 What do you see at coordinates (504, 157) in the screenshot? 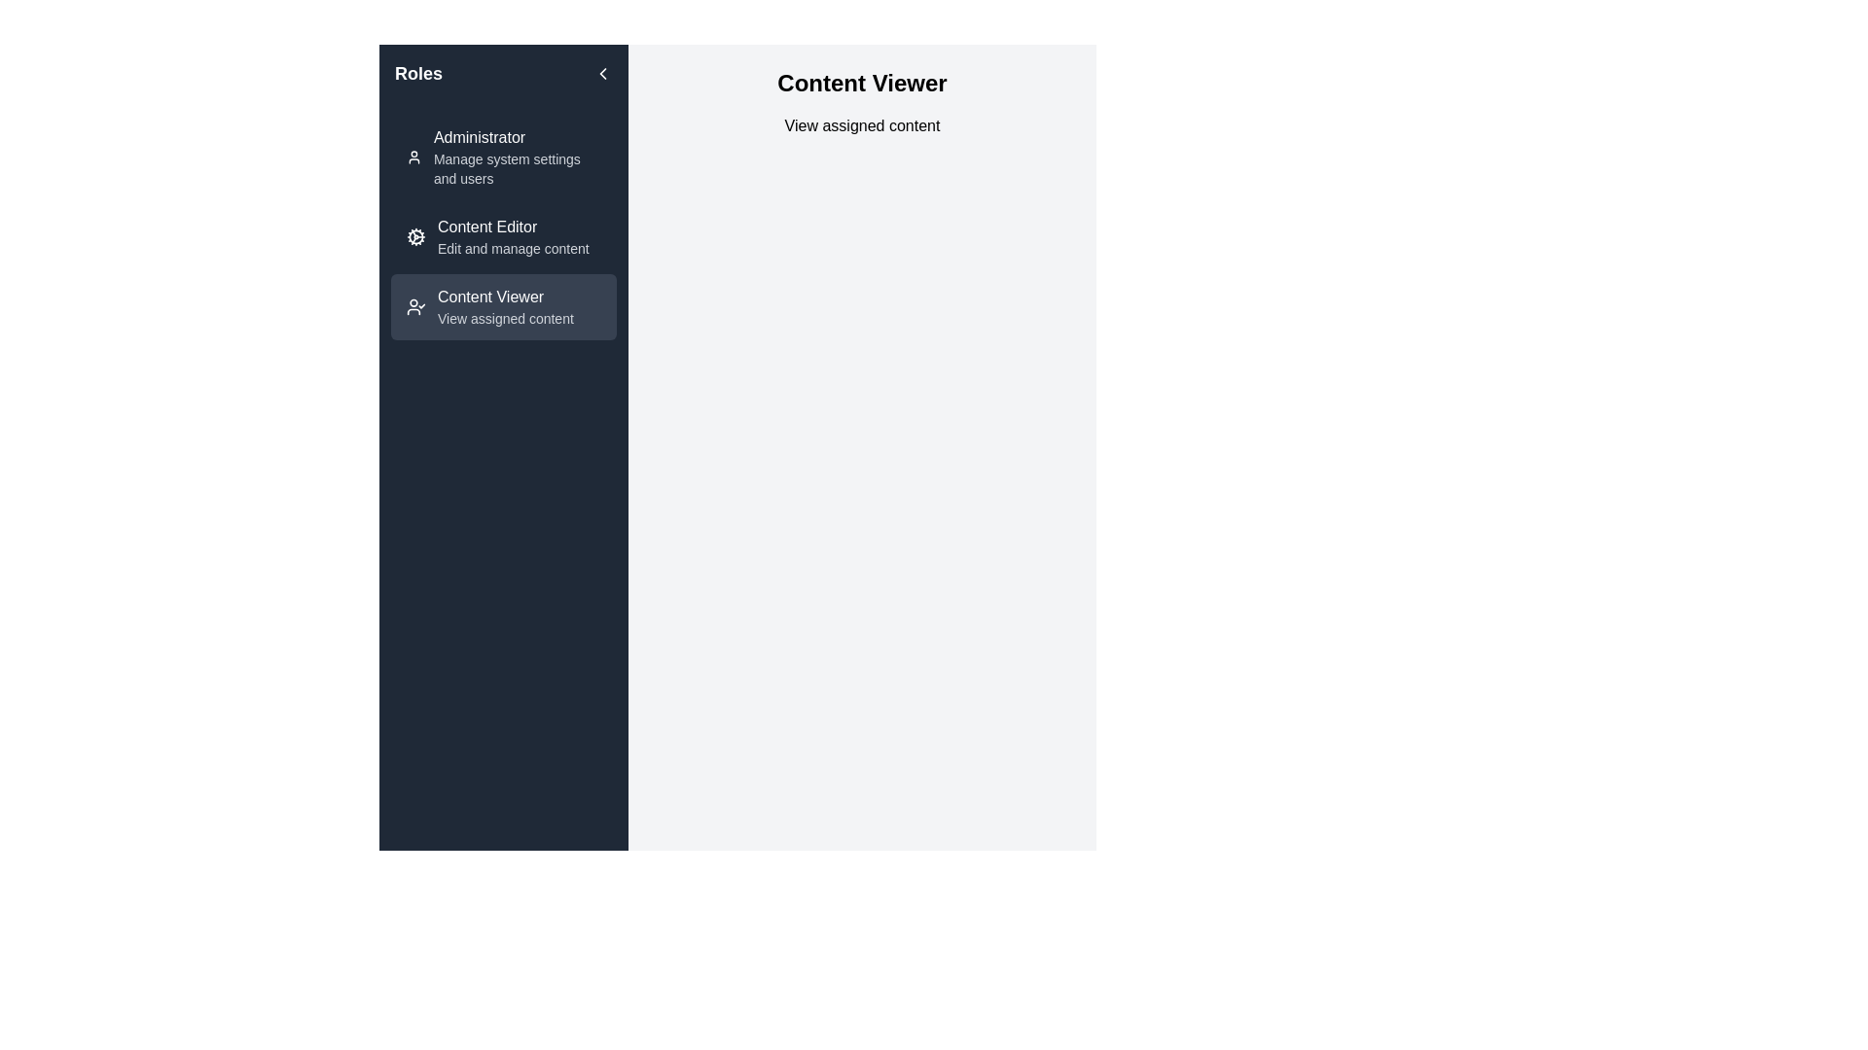
I see `the 'Administrator' navigation menu item, which features a user icon and bold text` at bounding box center [504, 157].